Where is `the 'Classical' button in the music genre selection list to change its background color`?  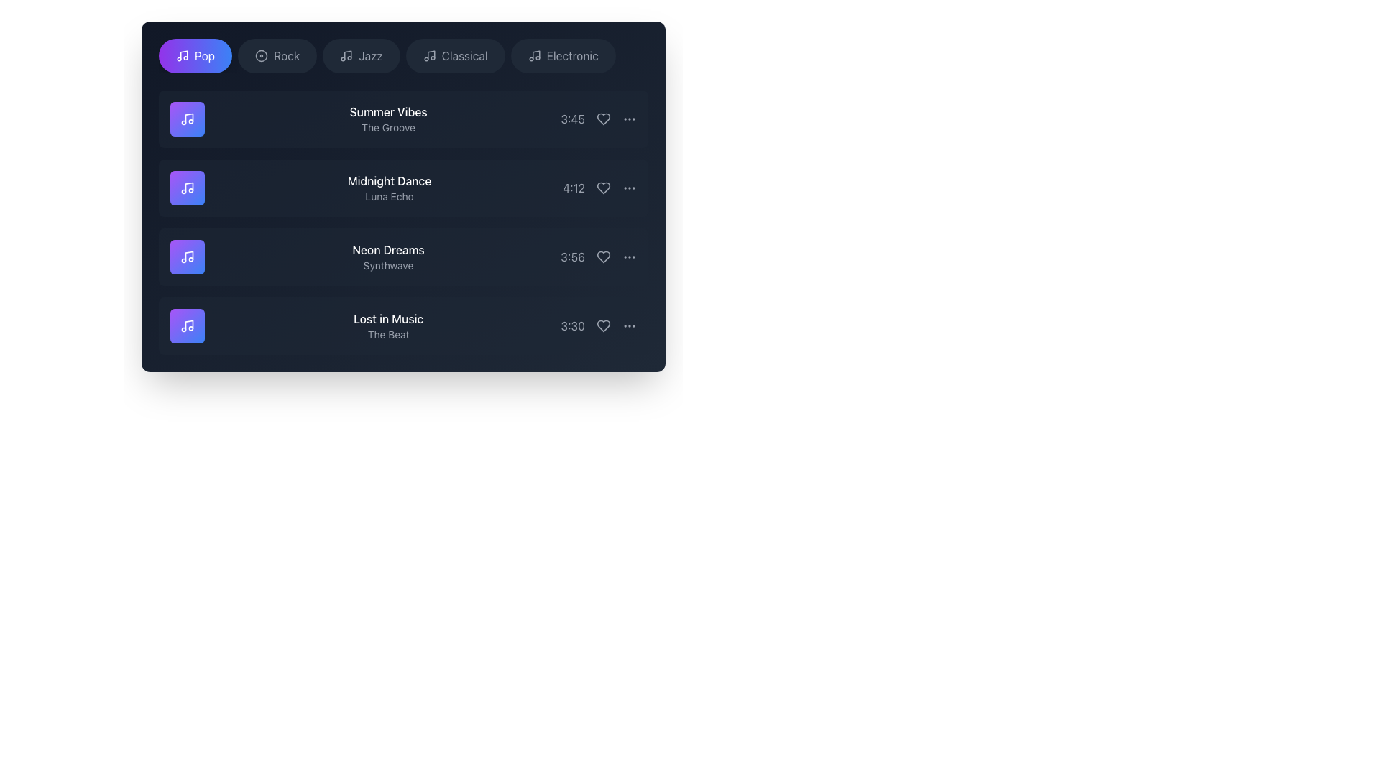
the 'Classical' button in the music genre selection list to change its background color is located at coordinates (454, 55).